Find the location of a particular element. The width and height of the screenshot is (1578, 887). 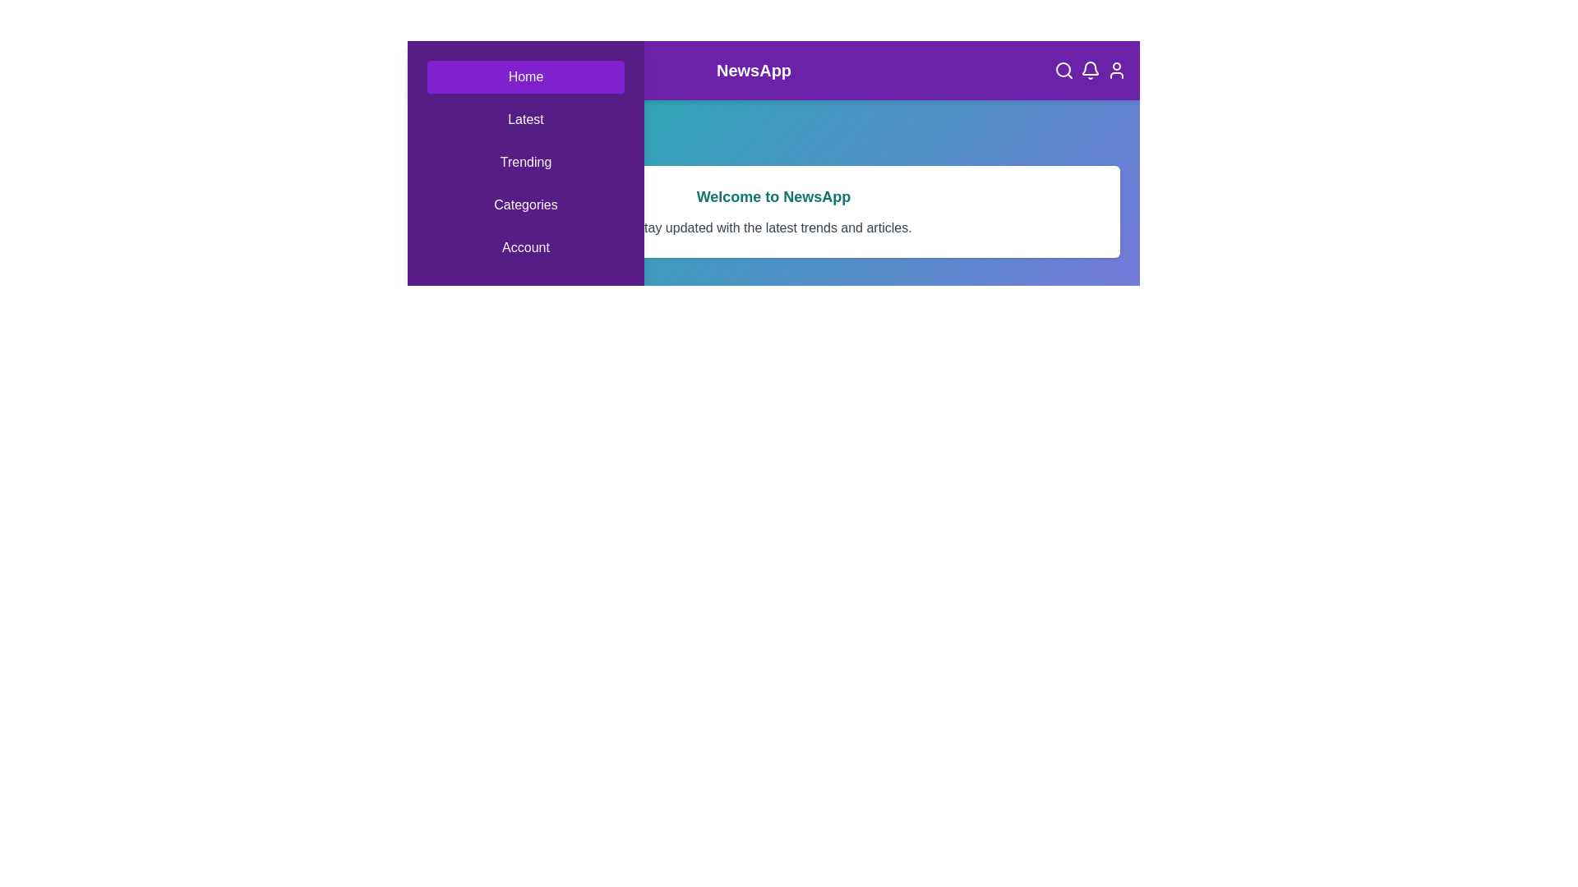

the user icon located in the top right corner of the app bar is located at coordinates (1116, 69).